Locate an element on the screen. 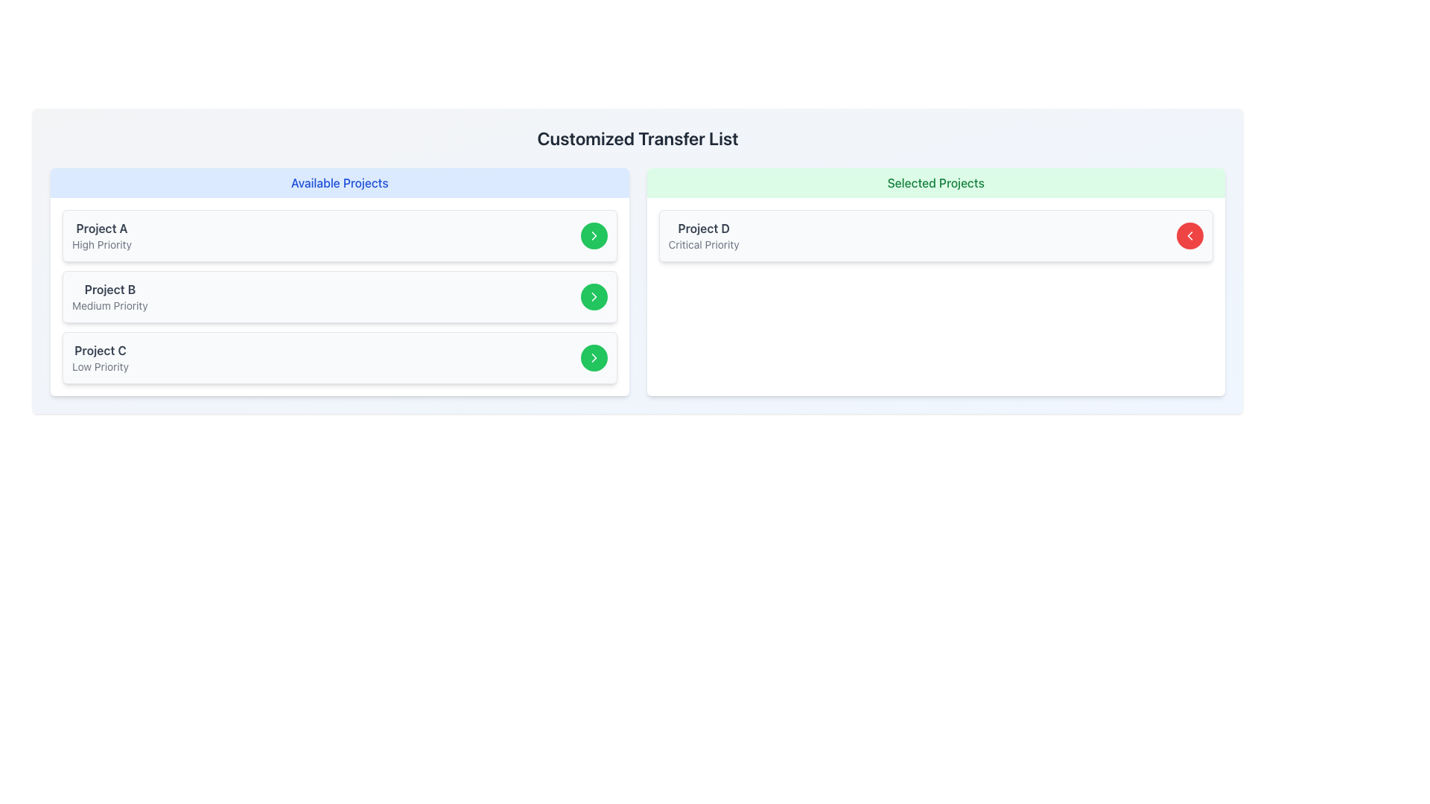 Image resolution: width=1430 pixels, height=804 pixels. the text label displaying 'Project C' with 'Low Priority' in the 'Available Projects' list, which is the third card below 'Project B' is located at coordinates (99, 358).